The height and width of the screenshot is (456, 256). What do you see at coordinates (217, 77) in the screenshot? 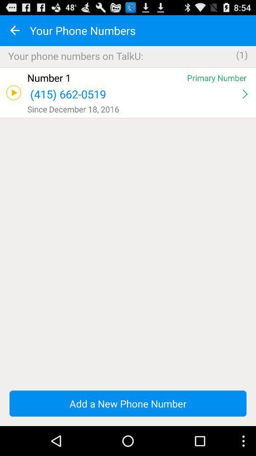
I see `item to the right of the number 1 icon` at bounding box center [217, 77].